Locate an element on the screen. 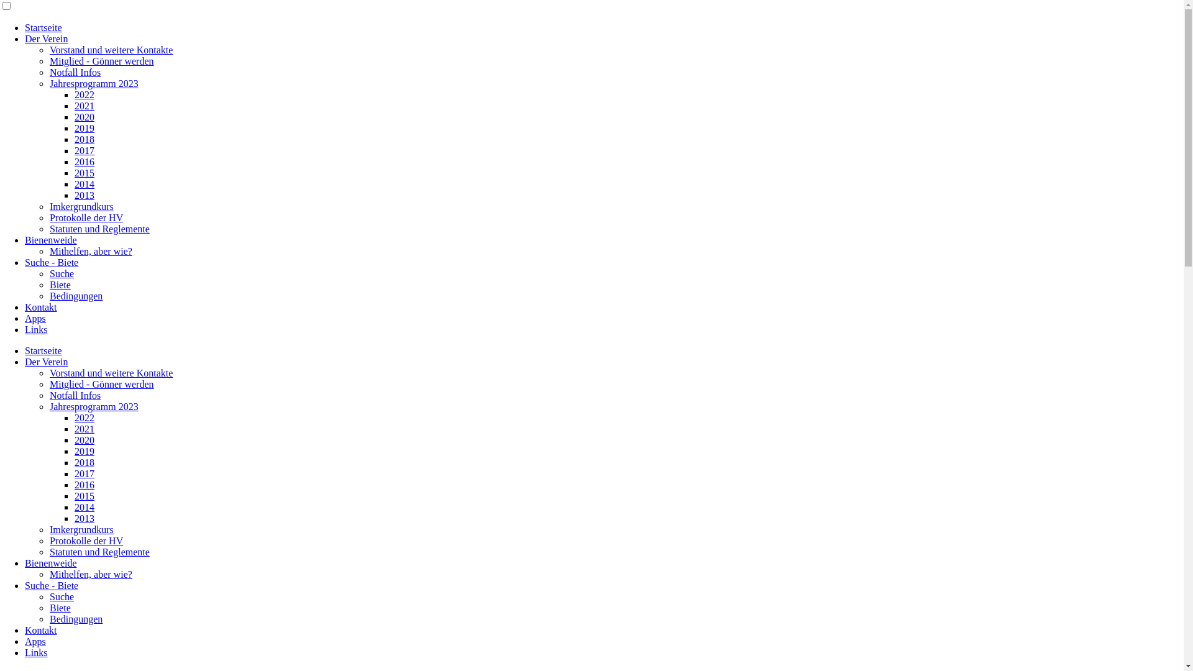  'Suche - Biete' is located at coordinates (24, 262).